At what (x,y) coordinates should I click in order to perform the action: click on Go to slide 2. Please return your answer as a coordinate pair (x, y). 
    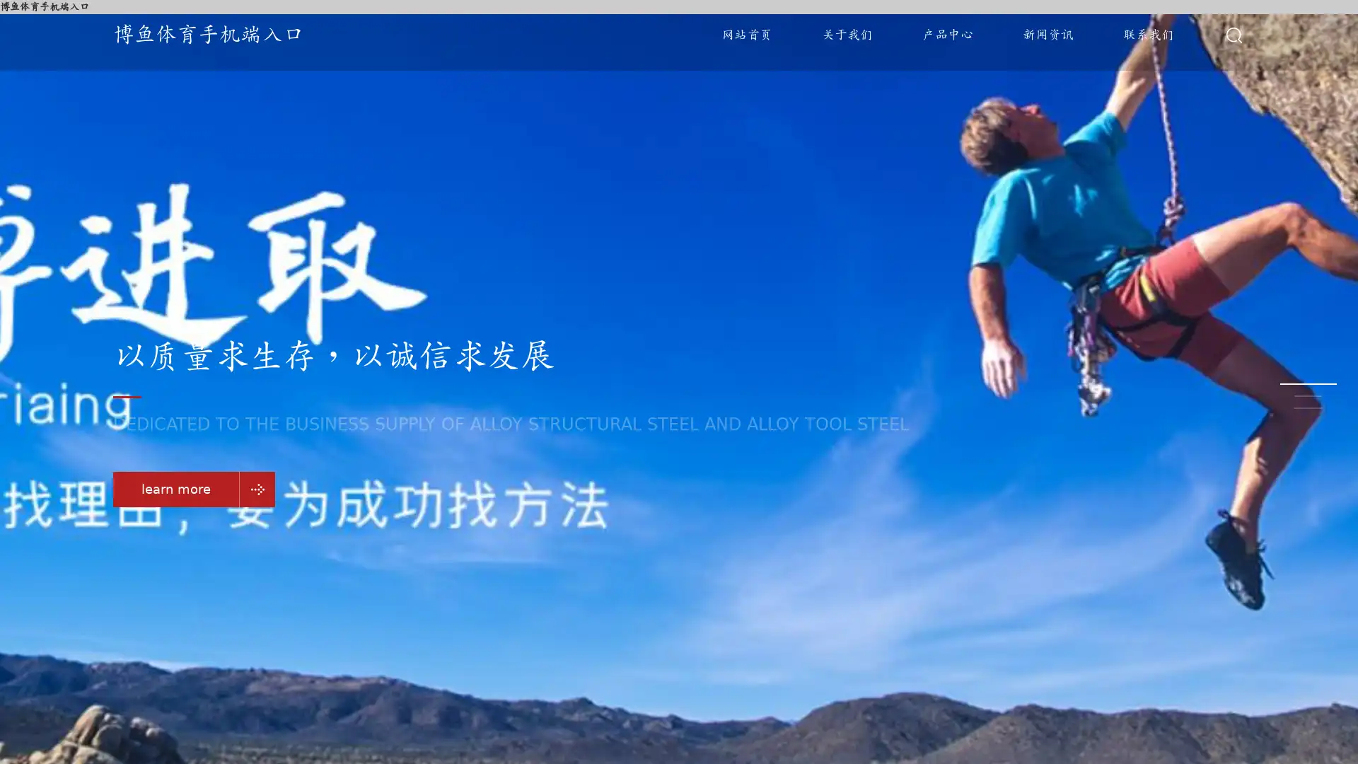
    Looking at the image, I should click on (1307, 395).